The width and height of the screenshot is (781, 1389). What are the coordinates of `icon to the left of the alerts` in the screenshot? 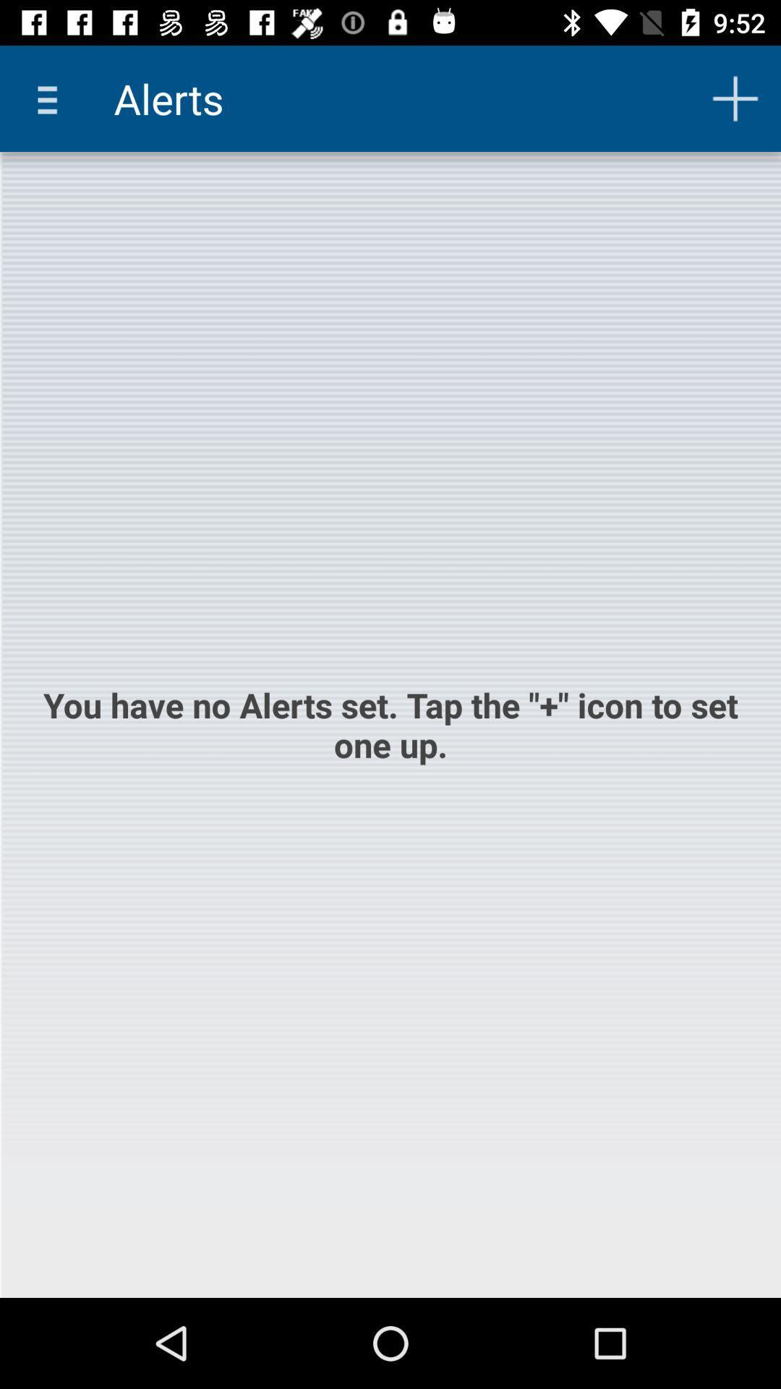 It's located at (52, 98).